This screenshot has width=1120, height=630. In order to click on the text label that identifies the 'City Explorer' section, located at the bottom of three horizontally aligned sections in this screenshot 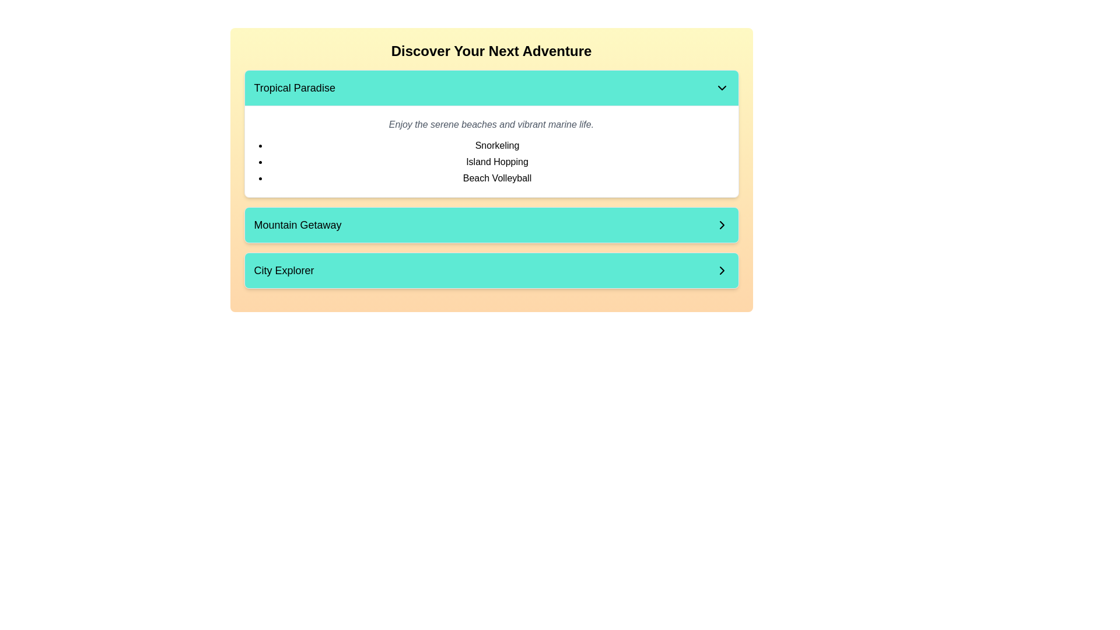, I will do `click(284, 270)`.